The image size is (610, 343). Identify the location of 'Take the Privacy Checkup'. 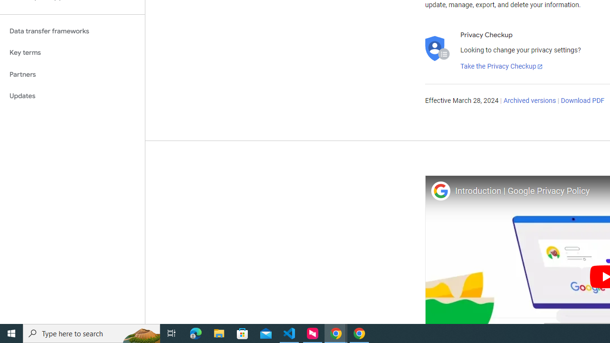
(501, 66).